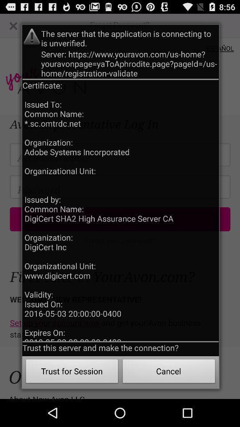 This screenshot has width=240, height=427. Describe the element at coordinates (169, 372) in the screenshot. I see `icon below the trust this server` at that location.